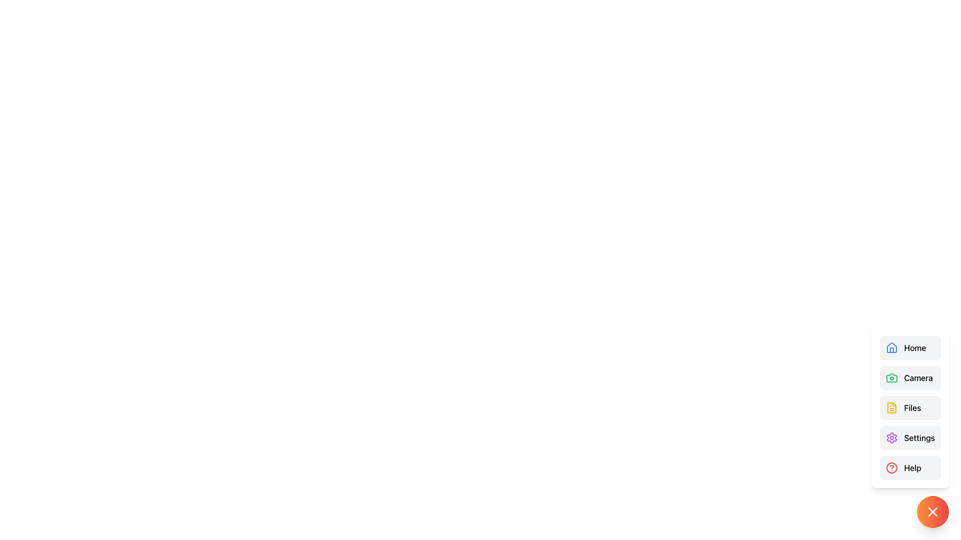 Image resolution: width=961 pixels, height=540 pixels. I want to click on the button located in the third position from the top in a vertically arranged list near the bottom-right corner, so click(910, 408).